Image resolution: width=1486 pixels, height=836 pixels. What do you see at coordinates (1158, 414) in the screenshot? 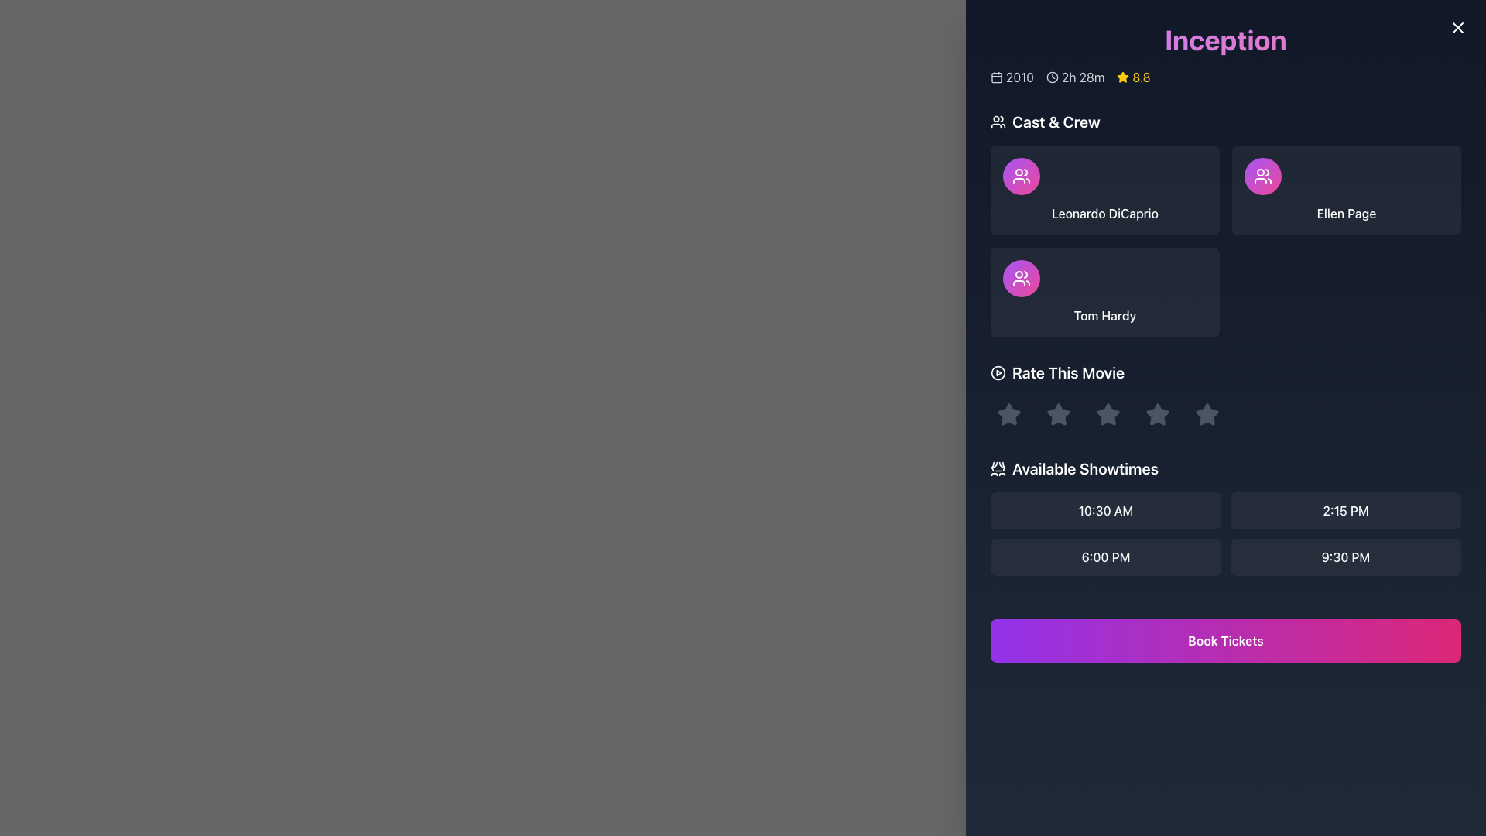
I see `the fourth star in the rating system below the text 'Rate This Movie' to change its appearance` at bounding box center [1158, 414].